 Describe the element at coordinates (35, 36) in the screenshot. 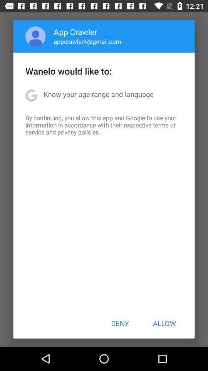

I see `the icon above the wanelo would like item` at that location.